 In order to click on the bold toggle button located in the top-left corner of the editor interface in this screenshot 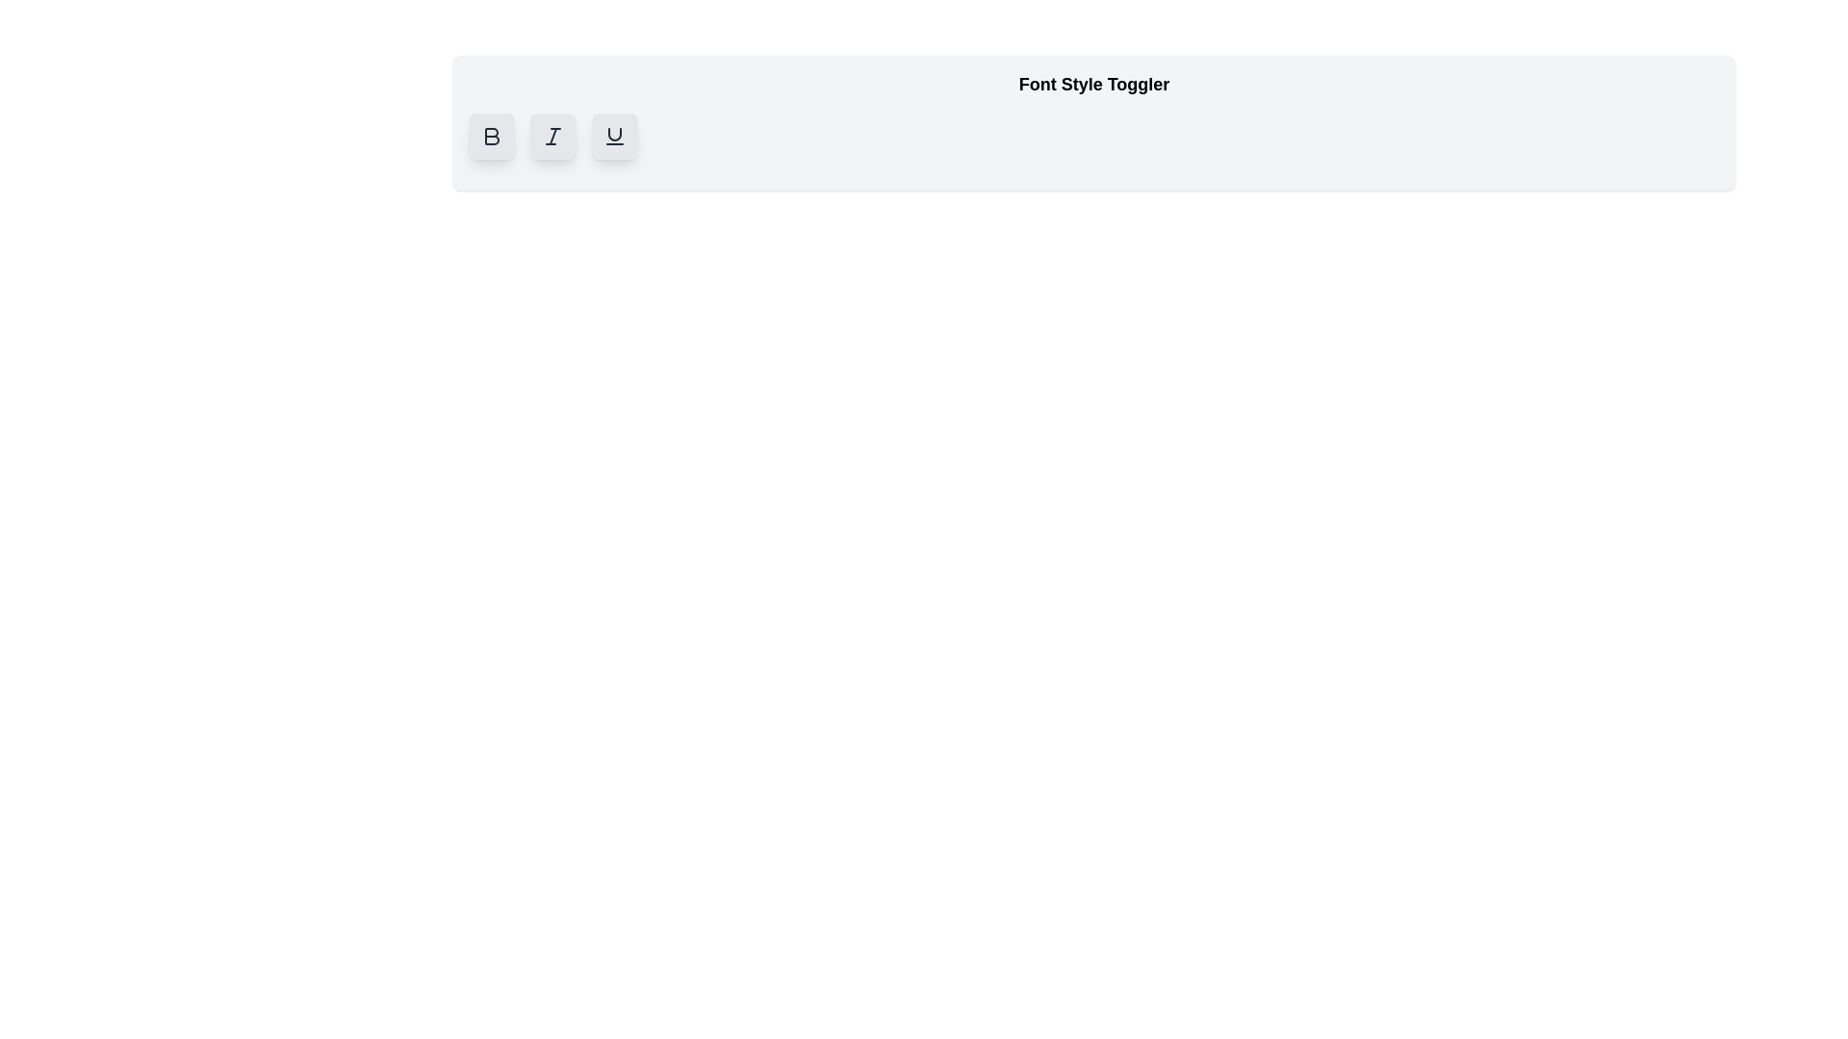, I will do `click(491, 136)`.